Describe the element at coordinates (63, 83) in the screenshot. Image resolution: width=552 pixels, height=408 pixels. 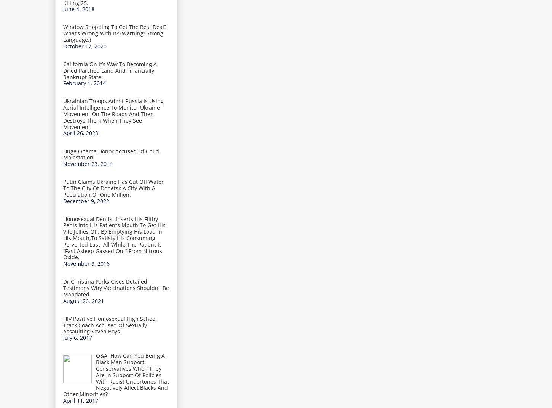
I see `'February 1, 2014'` at that location.